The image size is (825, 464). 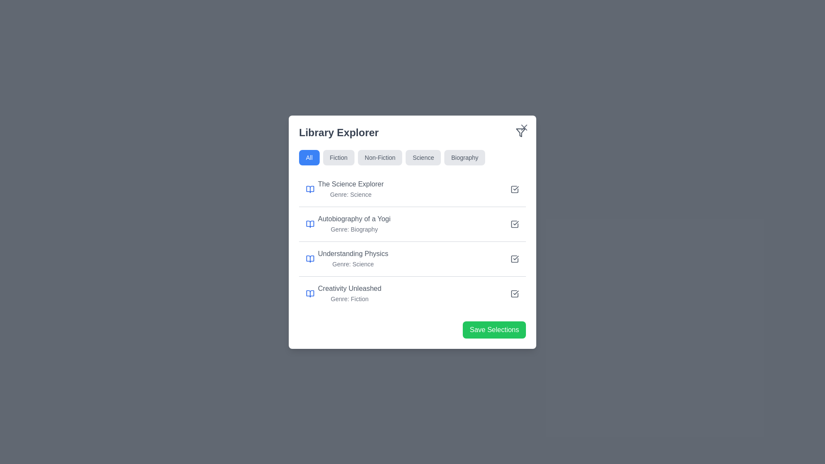 What do you see at coordinates (520, 132) in the screenshot?
I see `the triangular section of the filter icon located in the top-right corner of the library explorer dialog box` at bounding box center [520, 132].